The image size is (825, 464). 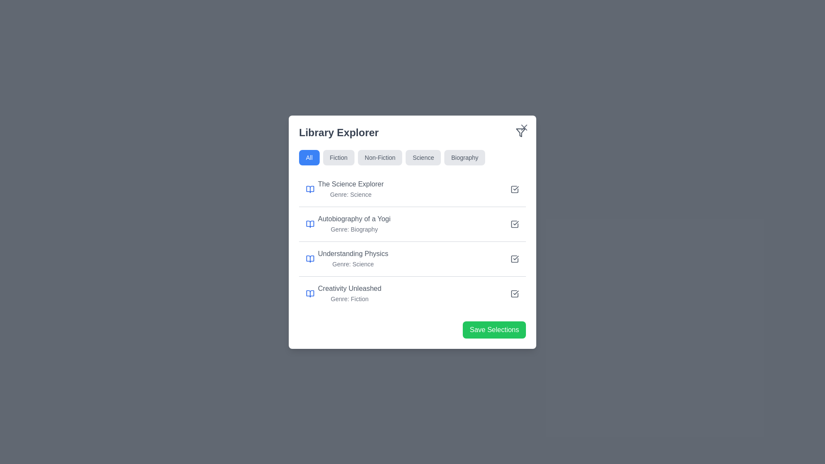 What do you see at coordinates (520, 132) in the screenshot?
I see `the triangular section of the filter icon located in the top-right corner of the library explorer dialog box` at bounding box center [520, 132].